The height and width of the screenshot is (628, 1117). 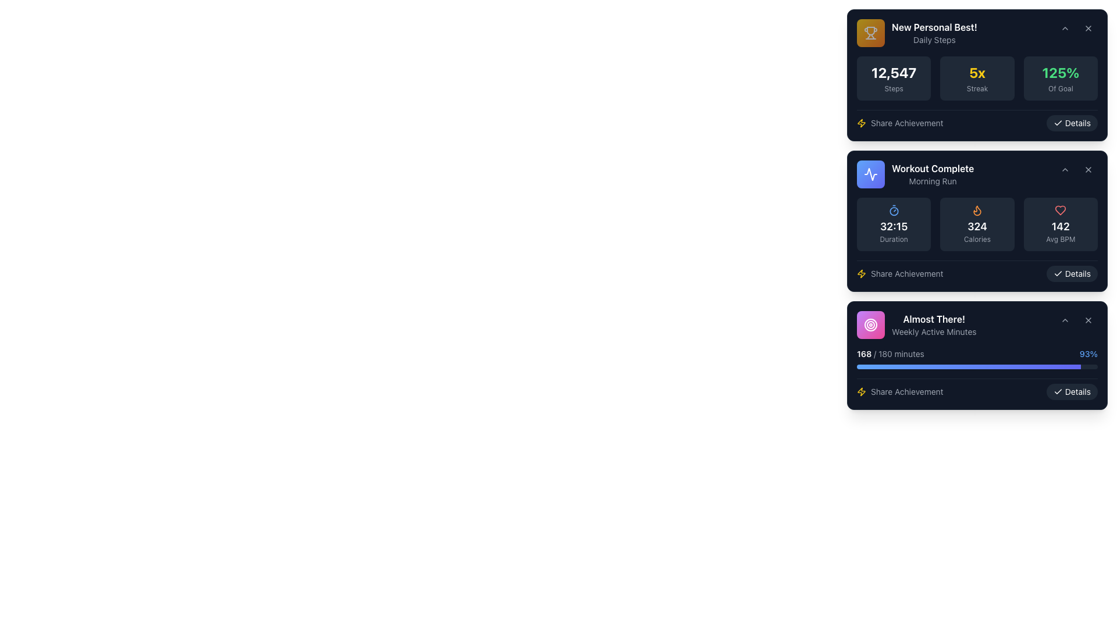 What do you see at coordinates (934, 40) in the screenshot?
I see `'Daily Steps' text label located in the upper section of the dark-themed card, which is positioned below the 'New Personal Best!' text` at bounding box center [934, 40].